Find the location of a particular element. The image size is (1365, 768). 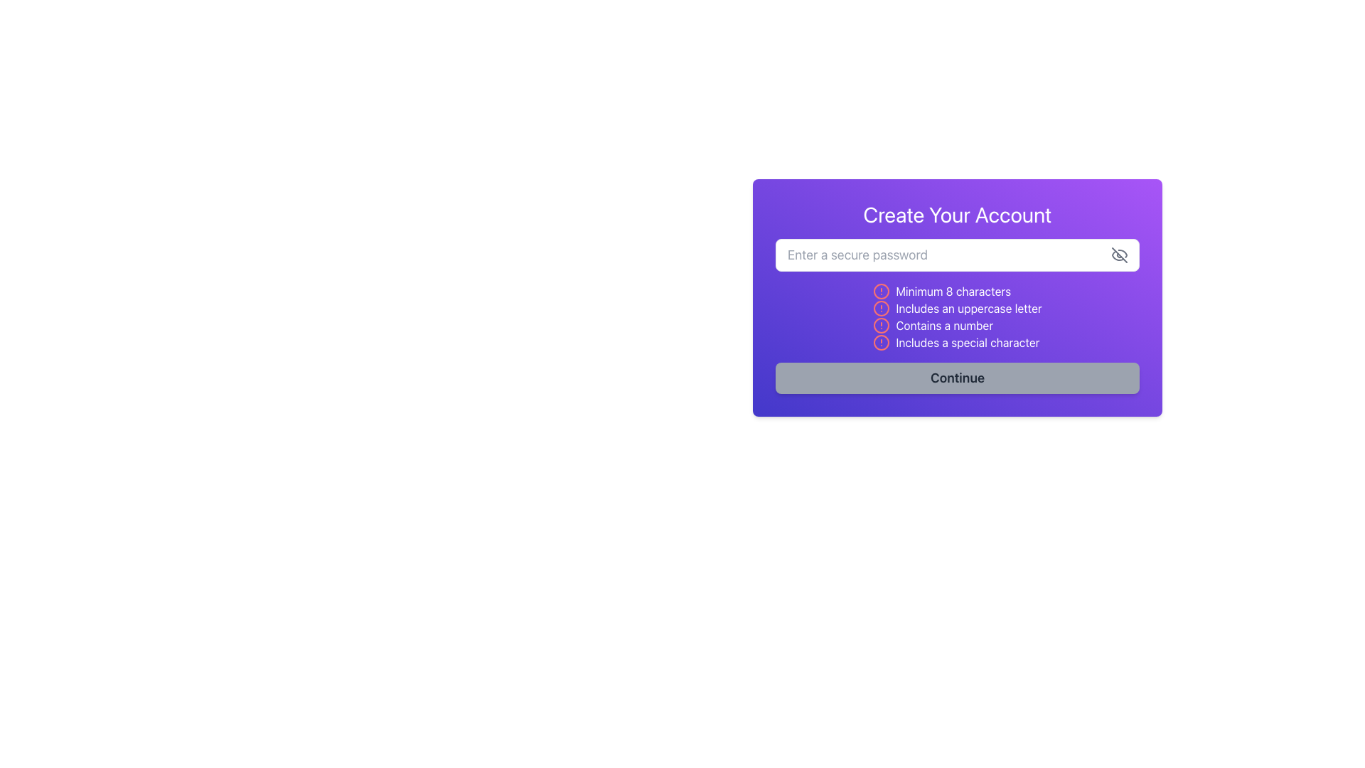

the Text Label with Icon that indicates the password must contain at least one uppercase letter, positioned below the 'Minimum 8 characters' requirement and above the 'Contains a number' requirement in the password creation interface is located at coordinates (958, 308).